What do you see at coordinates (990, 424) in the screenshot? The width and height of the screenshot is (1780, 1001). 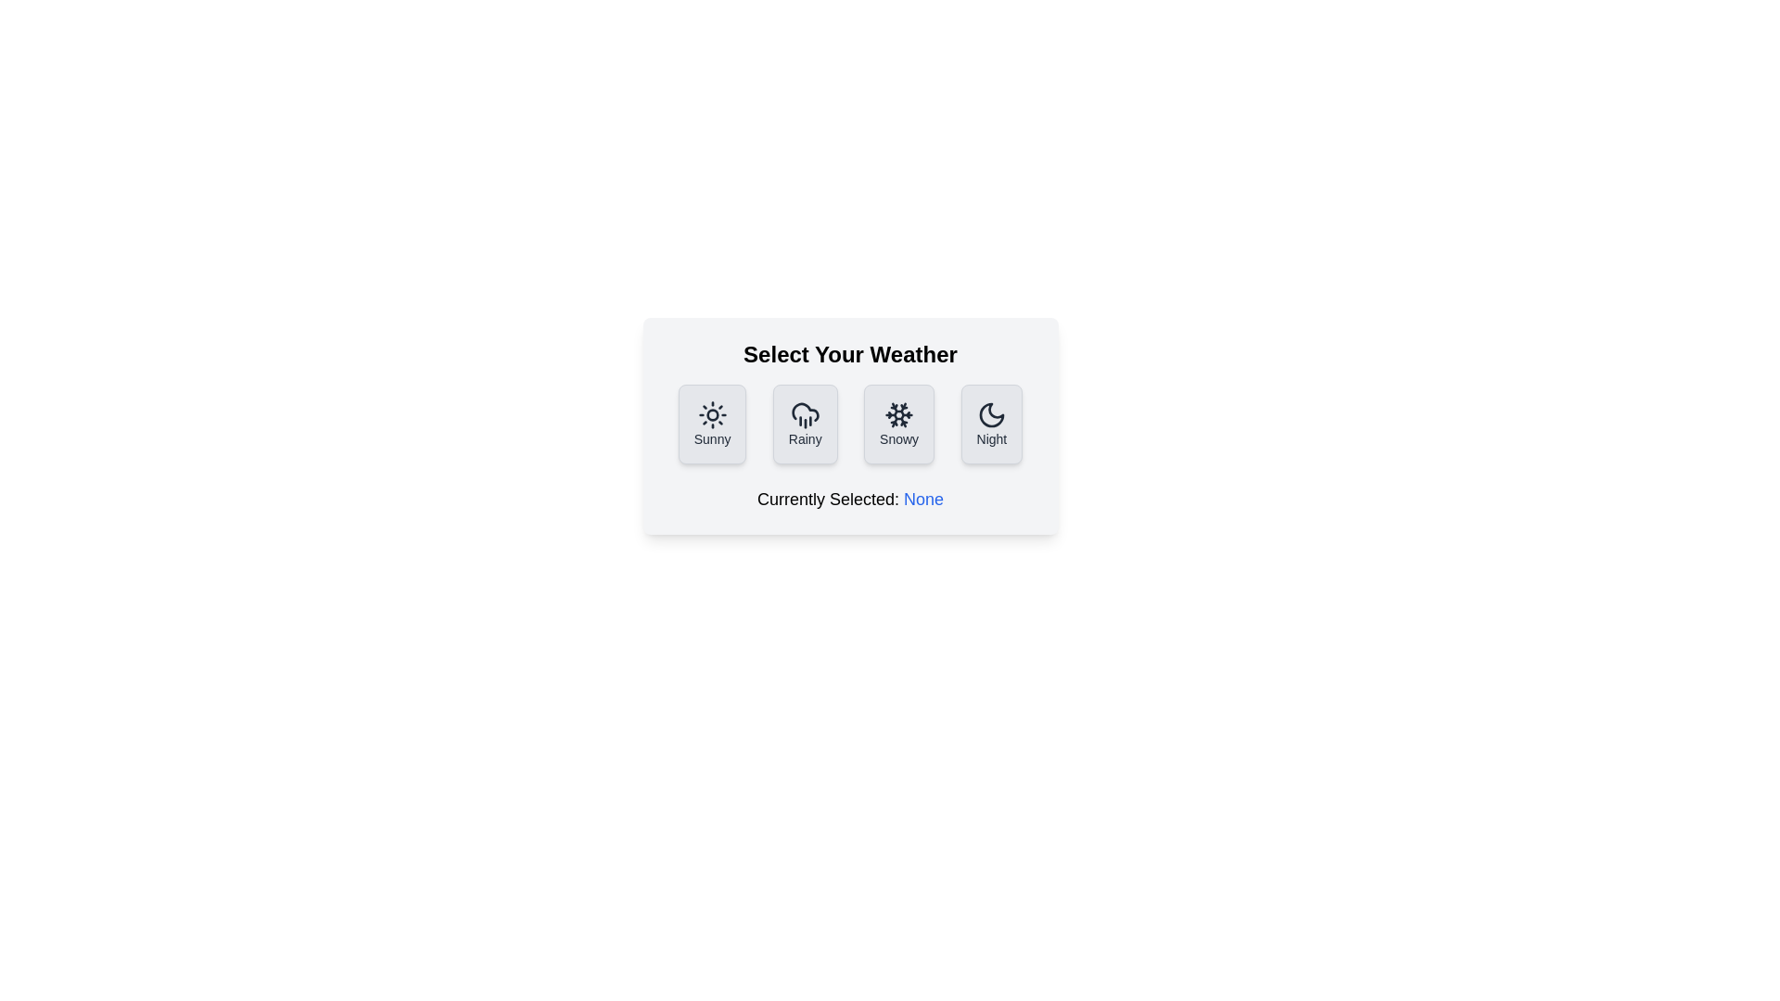 I see `the 'Night' button, which is the last button` at bounding box center [990, 424].